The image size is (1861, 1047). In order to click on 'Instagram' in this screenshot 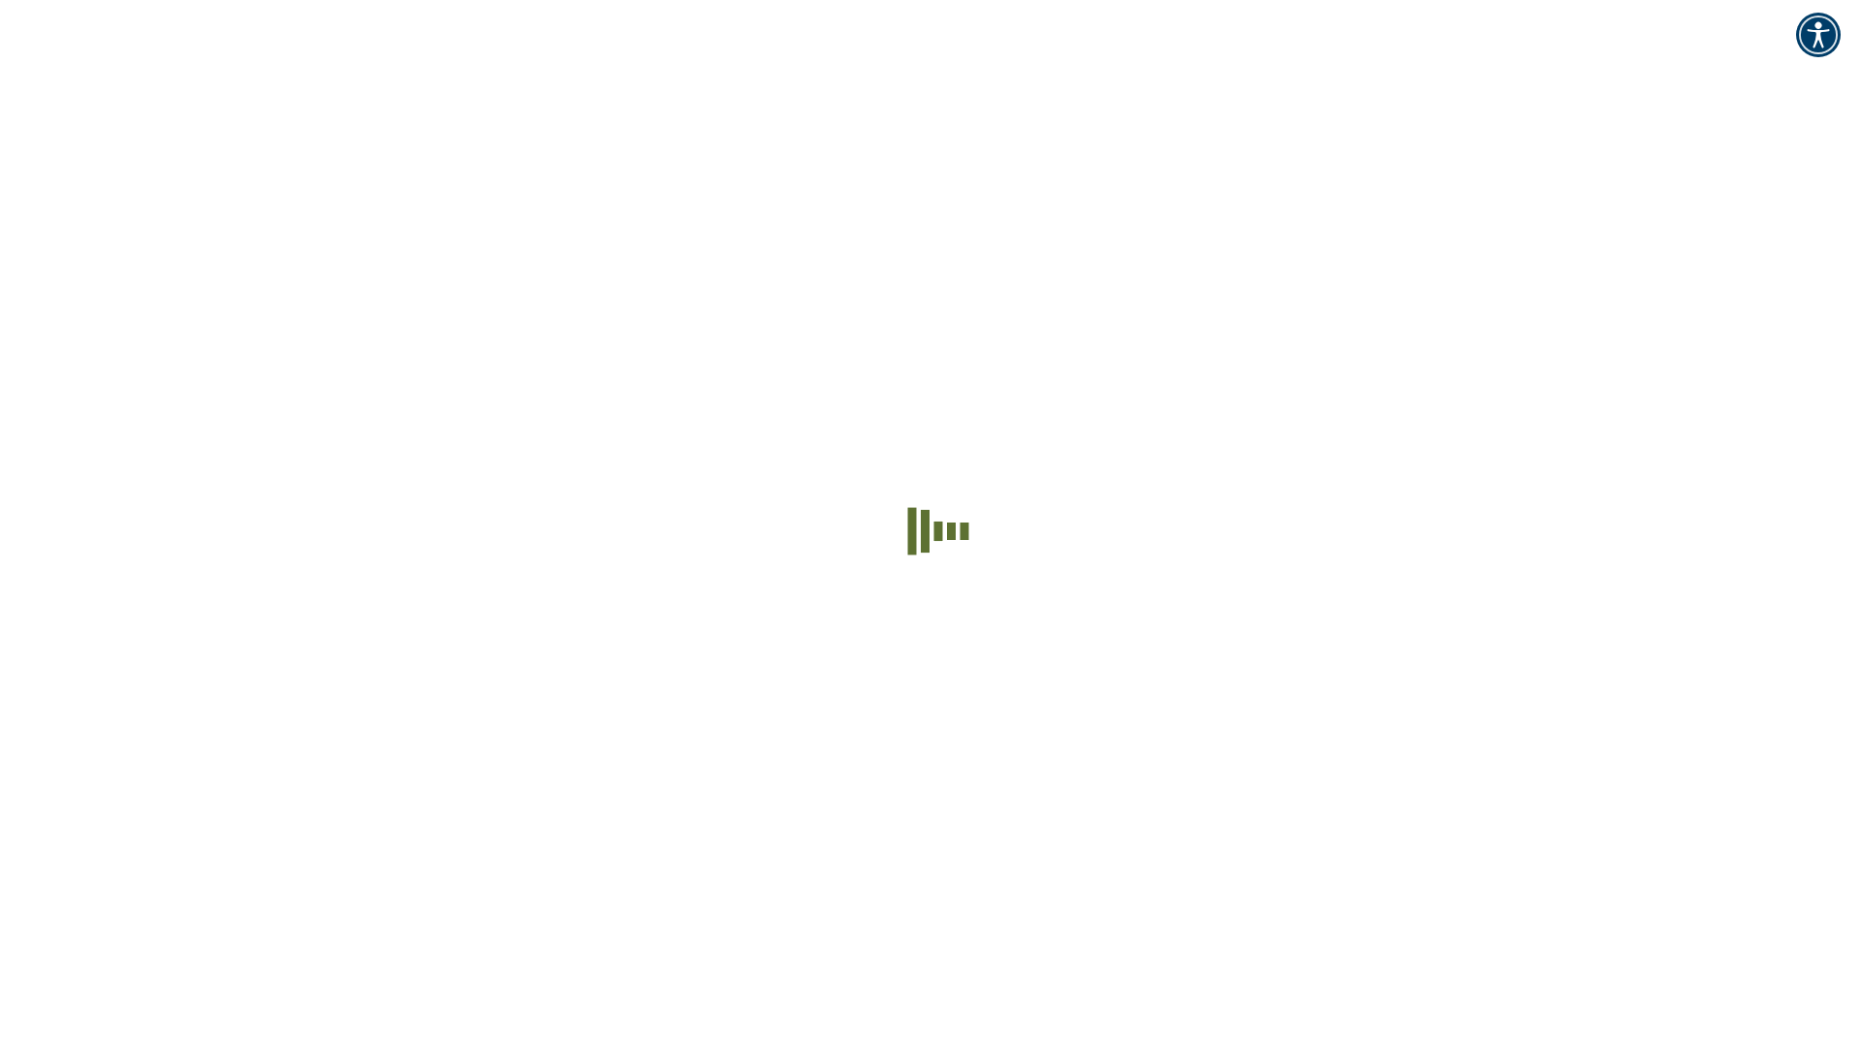, I will do `click(174, 714)`.